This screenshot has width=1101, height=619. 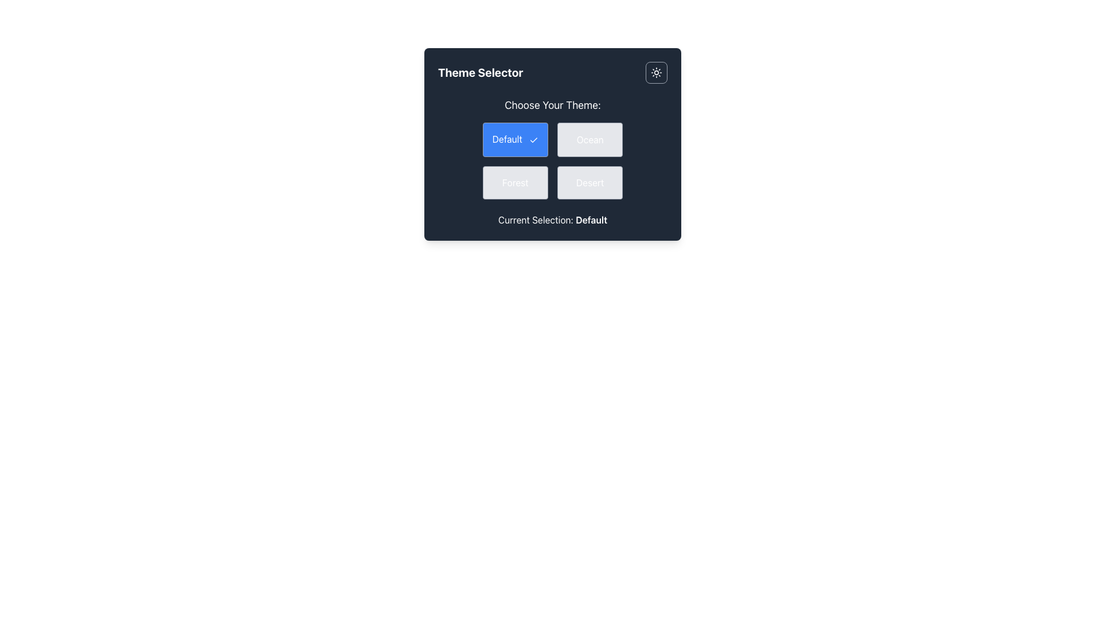 What do you see at coordinates (533, 139) in the screenshot?
I see `the checkmark icon within the 'Default' button in the theme selection dialog, which indicates selection confirmation` at bounding box center [533, 139].